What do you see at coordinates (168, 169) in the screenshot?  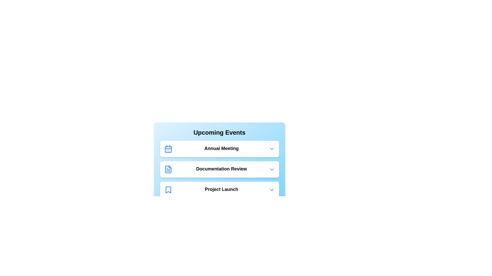 I see `the icon associated with Documentation Review` at bounding box center [168, 169].